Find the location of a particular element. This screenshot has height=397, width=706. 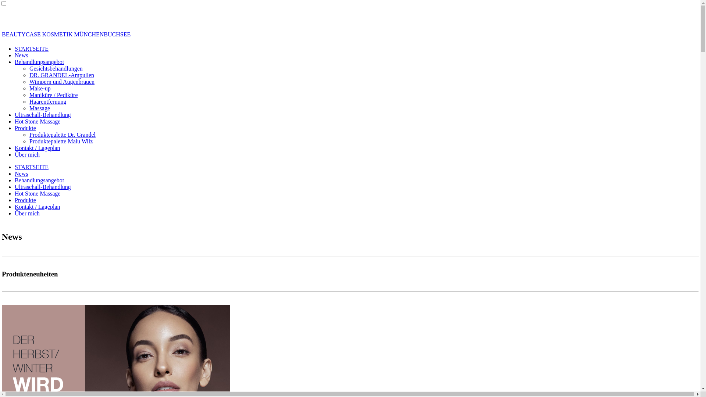

'Produkte' is located at coordinates (25, 128).